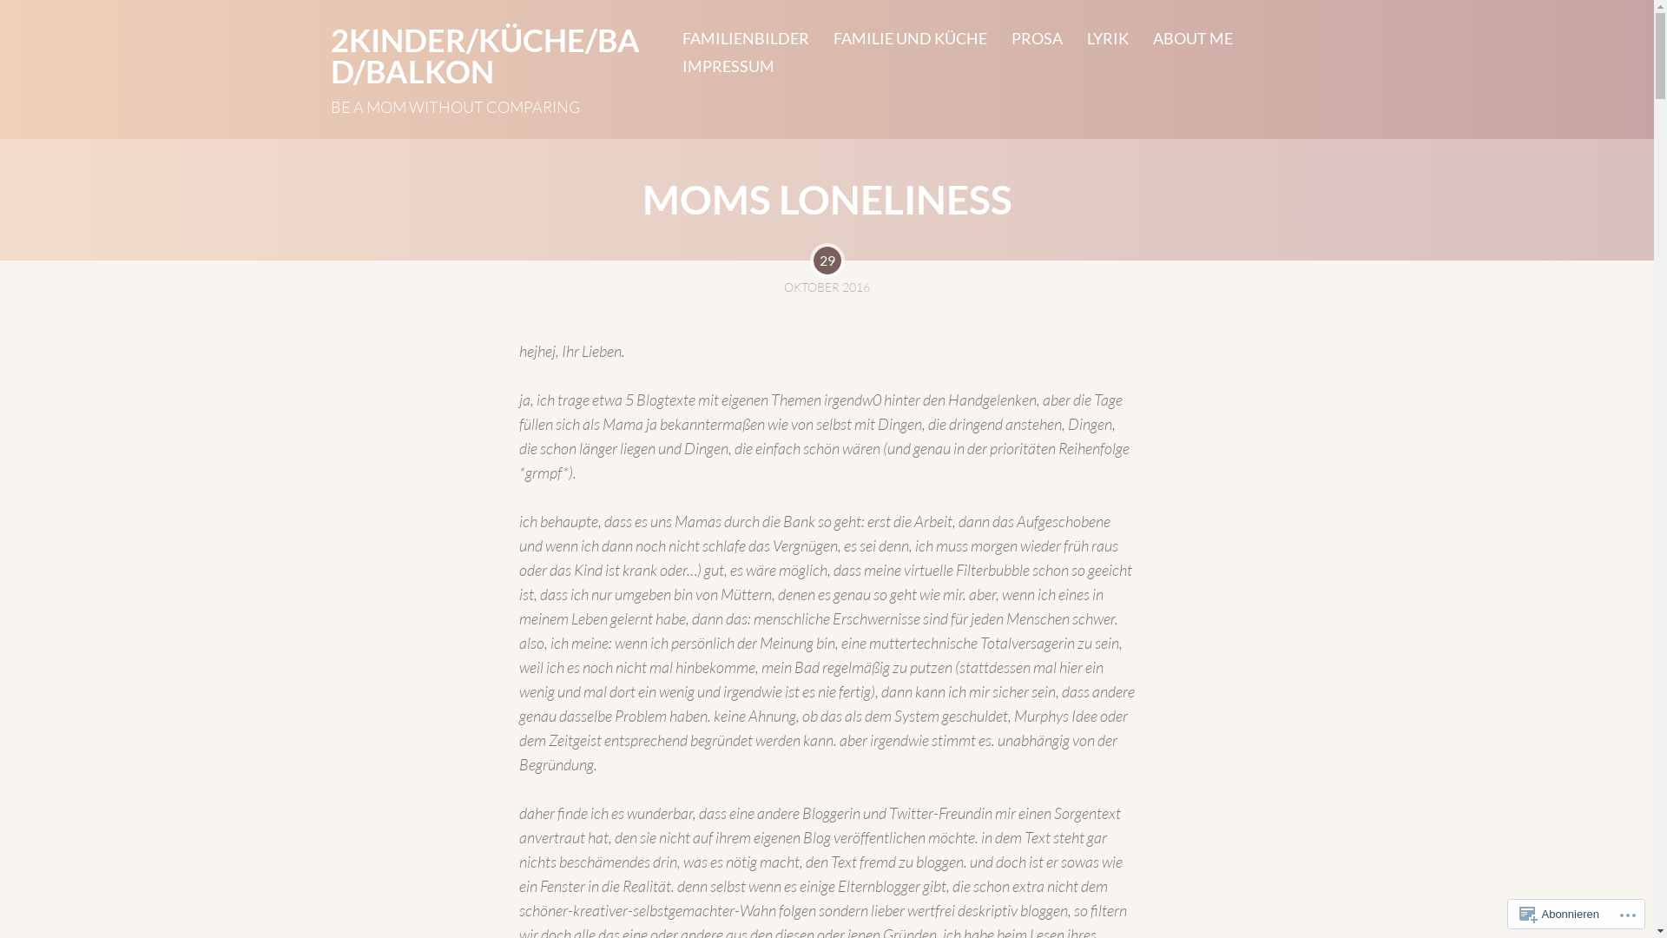  What do you see at coordinates (987, 37) in the screenshot?
I see `'PROSA'` at bounding box center [987, 37].